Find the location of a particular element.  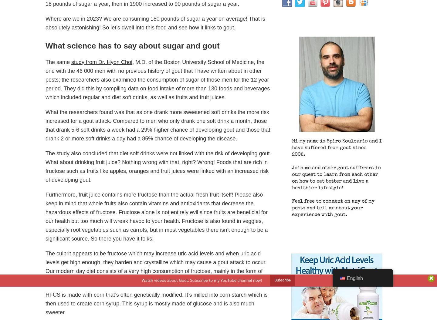

'HFCS is made with corn that’s often genetically modified. It’s milled into corn starch which is then used to create corn syrup. This syrup is mostly made of glucose and is also much sweeter.' is located at coordinates (156, 303).